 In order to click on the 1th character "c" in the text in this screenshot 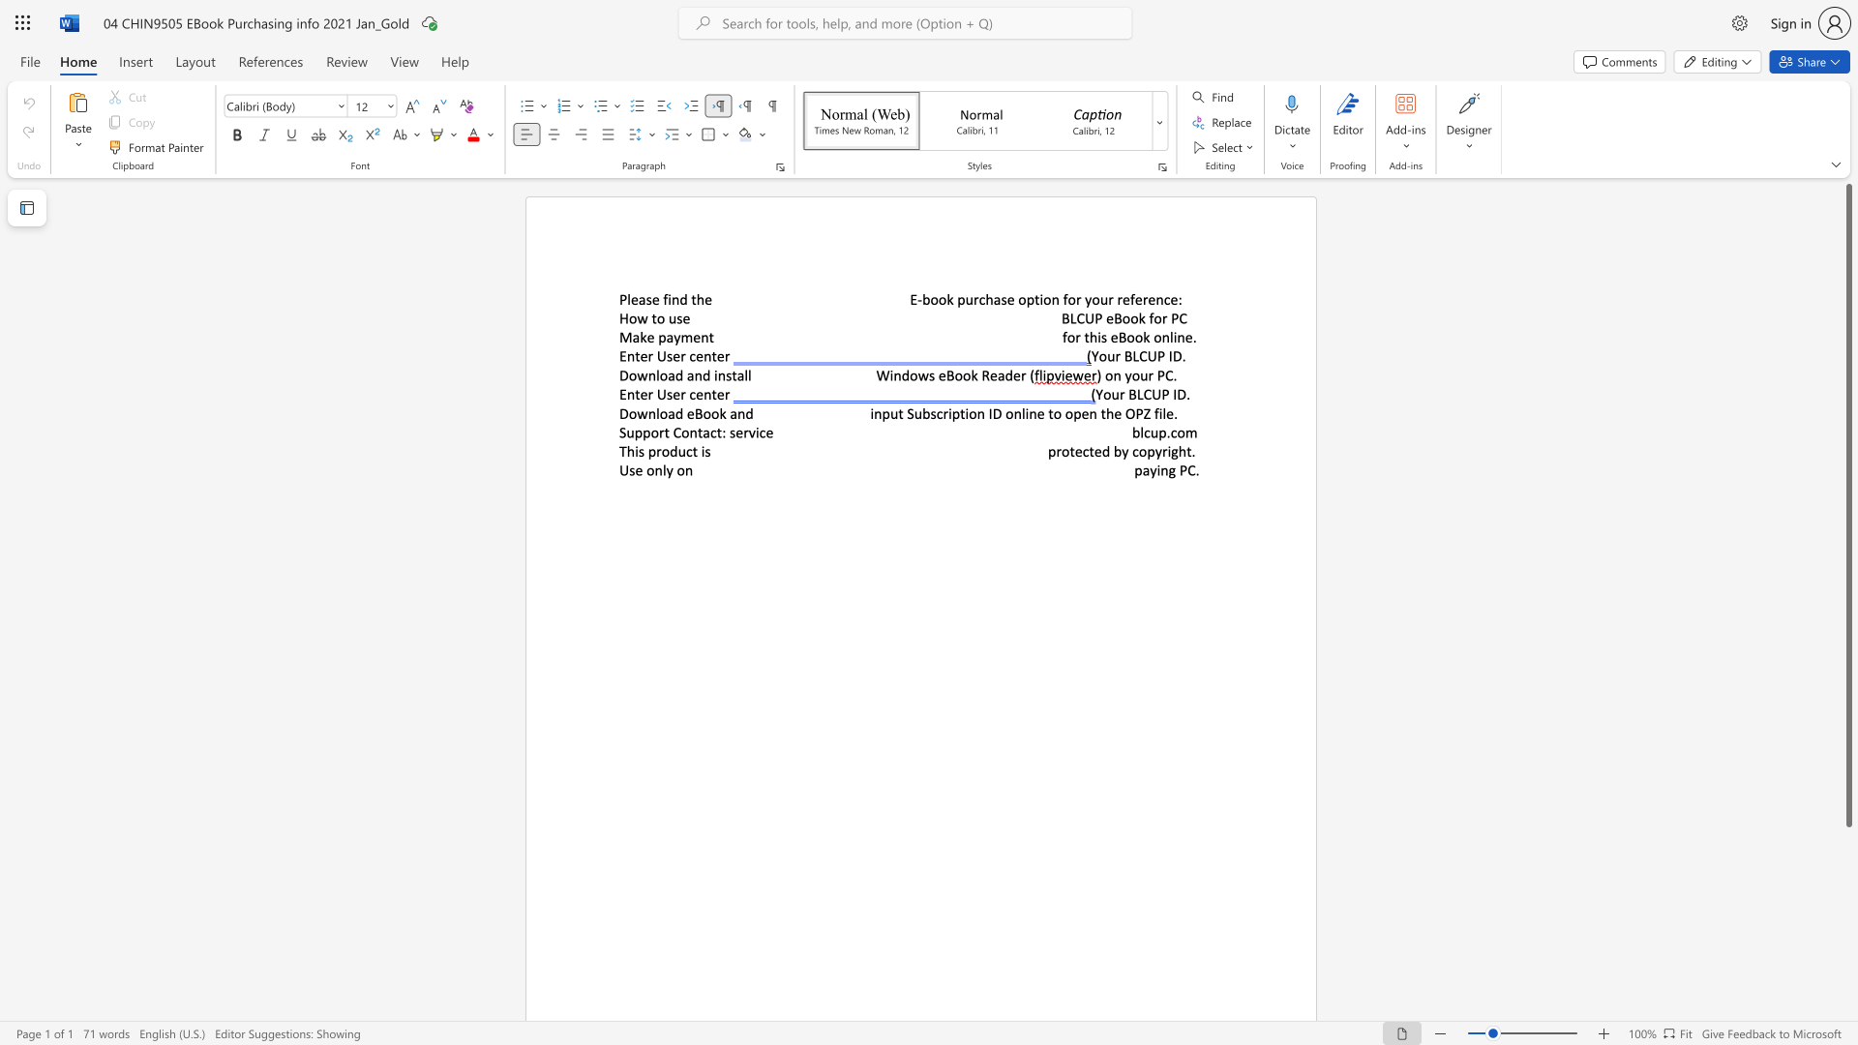, I will do `click(1166, 299)`.